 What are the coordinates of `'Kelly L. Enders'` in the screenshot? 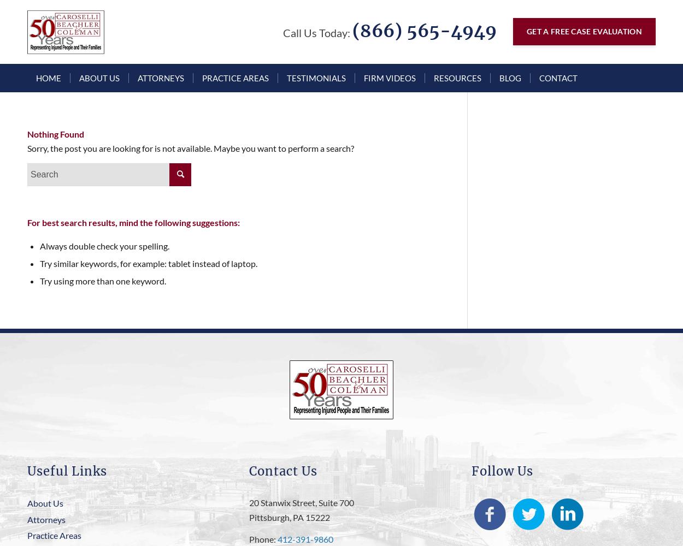 It's located at (137, 168).